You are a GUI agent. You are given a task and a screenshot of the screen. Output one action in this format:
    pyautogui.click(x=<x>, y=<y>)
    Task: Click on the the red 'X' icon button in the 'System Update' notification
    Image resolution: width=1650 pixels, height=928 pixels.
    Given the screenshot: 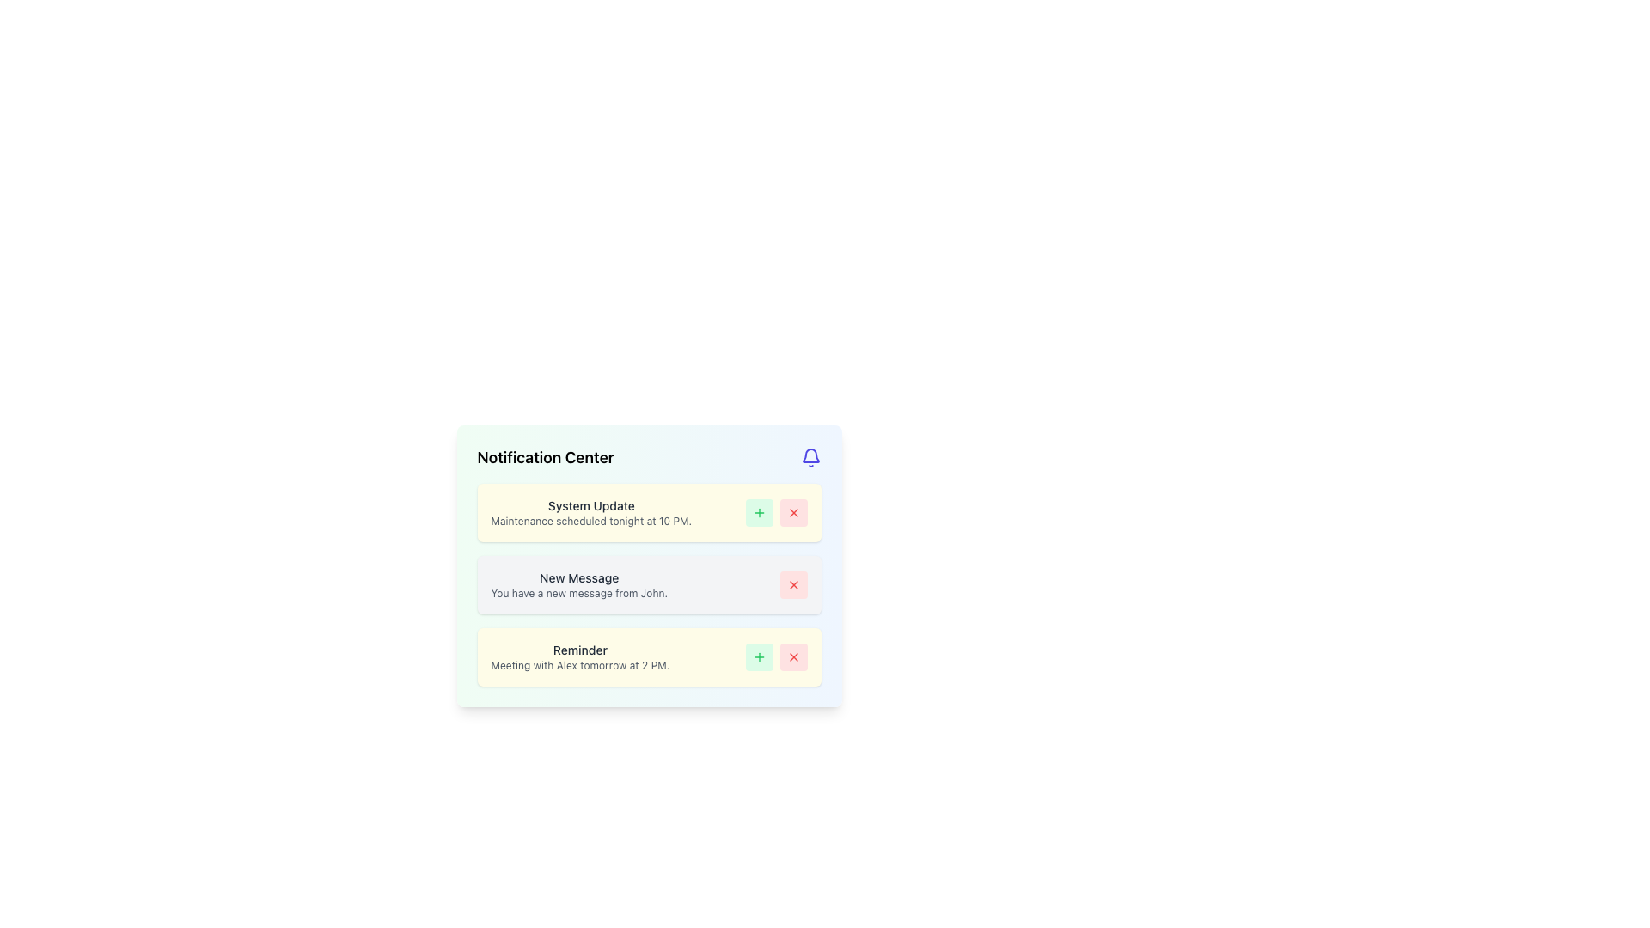 What is the action you would take?
    pyautogui.click(x=792, y=512)
    